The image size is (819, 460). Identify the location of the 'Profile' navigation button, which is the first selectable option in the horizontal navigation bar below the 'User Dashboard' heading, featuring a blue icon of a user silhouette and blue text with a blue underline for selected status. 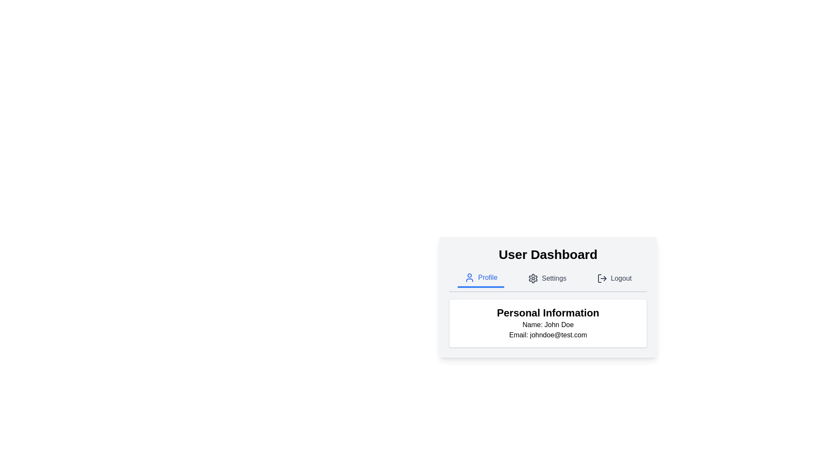
(481, 279).